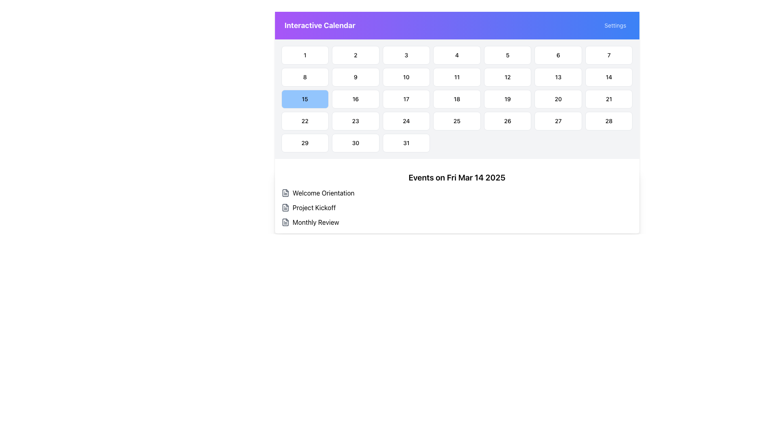 The height and width of the screenshot is (439, 781). What do you see at coordinates (356, 77) in the screenshot?
I see `the calendar date '9' located in the second column of the second row` at bounding box center [356, 77].